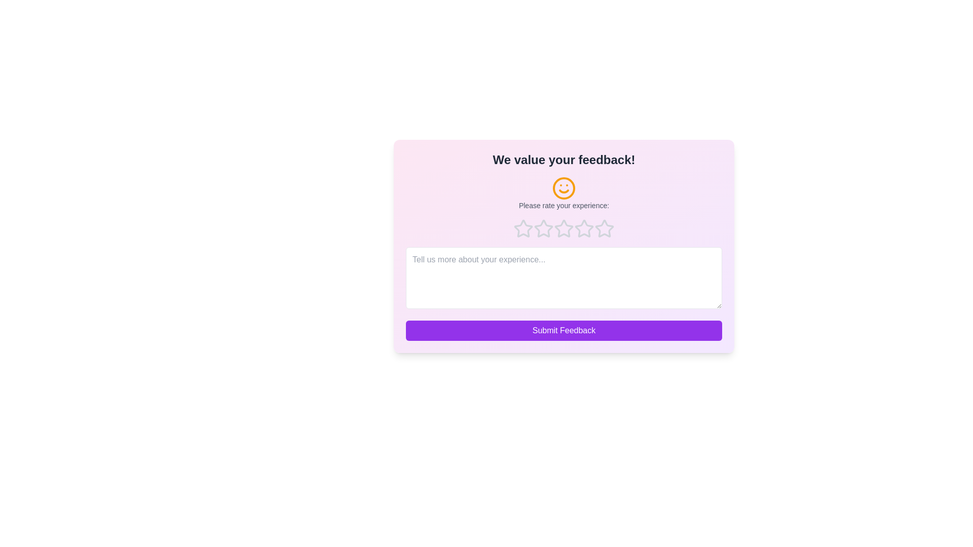  I want to click on the star icon in the Rating element located below the text 'Please rate your experience:', so click(564, 228).